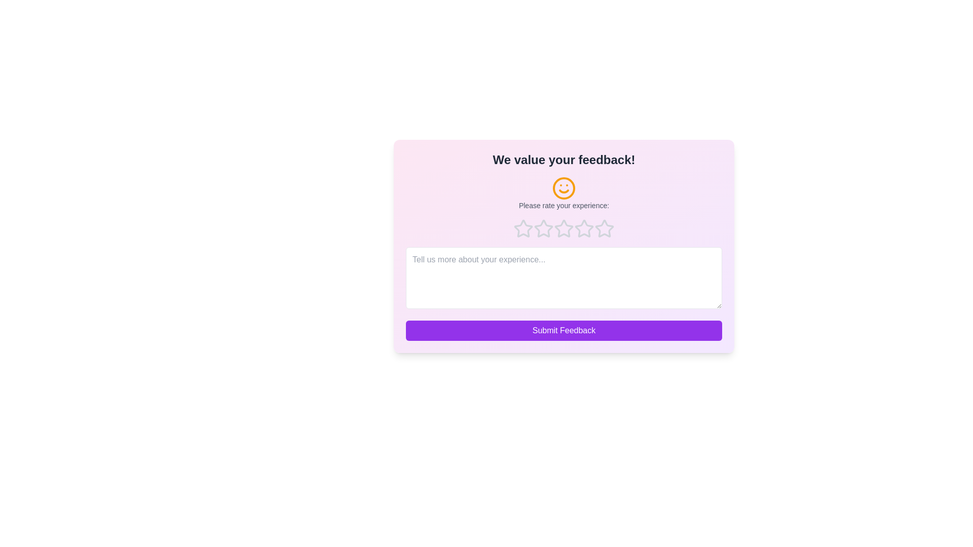  I want to click on the star icon in the Rating element located below the text 'Please rate your experience:', so click(564, 228).